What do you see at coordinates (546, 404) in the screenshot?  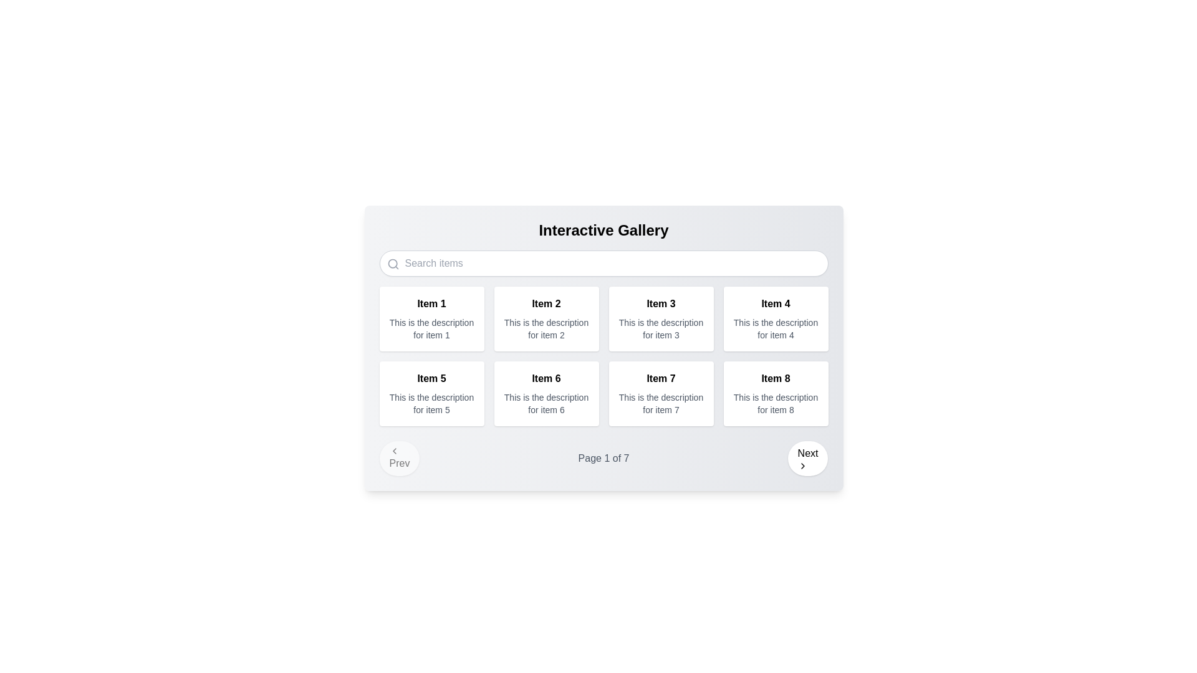 I see `the descriptive text element located below the header titled 'Item 6' in the grid layout` at bounding box center [546, 404].